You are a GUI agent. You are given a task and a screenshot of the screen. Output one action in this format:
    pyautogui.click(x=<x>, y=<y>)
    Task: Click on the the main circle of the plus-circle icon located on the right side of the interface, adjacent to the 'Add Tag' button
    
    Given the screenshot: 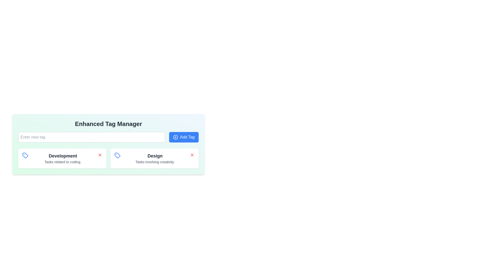 What is the action you would take?
    pyautogui.click(x=175, y=137)
    